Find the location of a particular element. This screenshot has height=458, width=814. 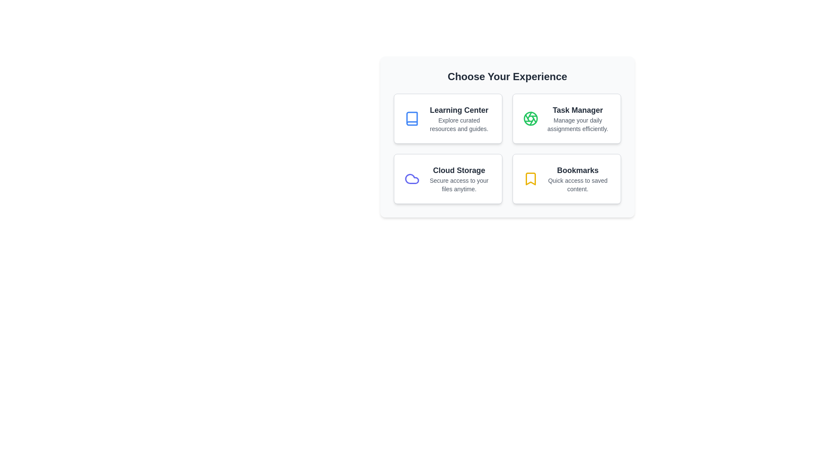

keyboard navigation is located at coordinates (567, 178).